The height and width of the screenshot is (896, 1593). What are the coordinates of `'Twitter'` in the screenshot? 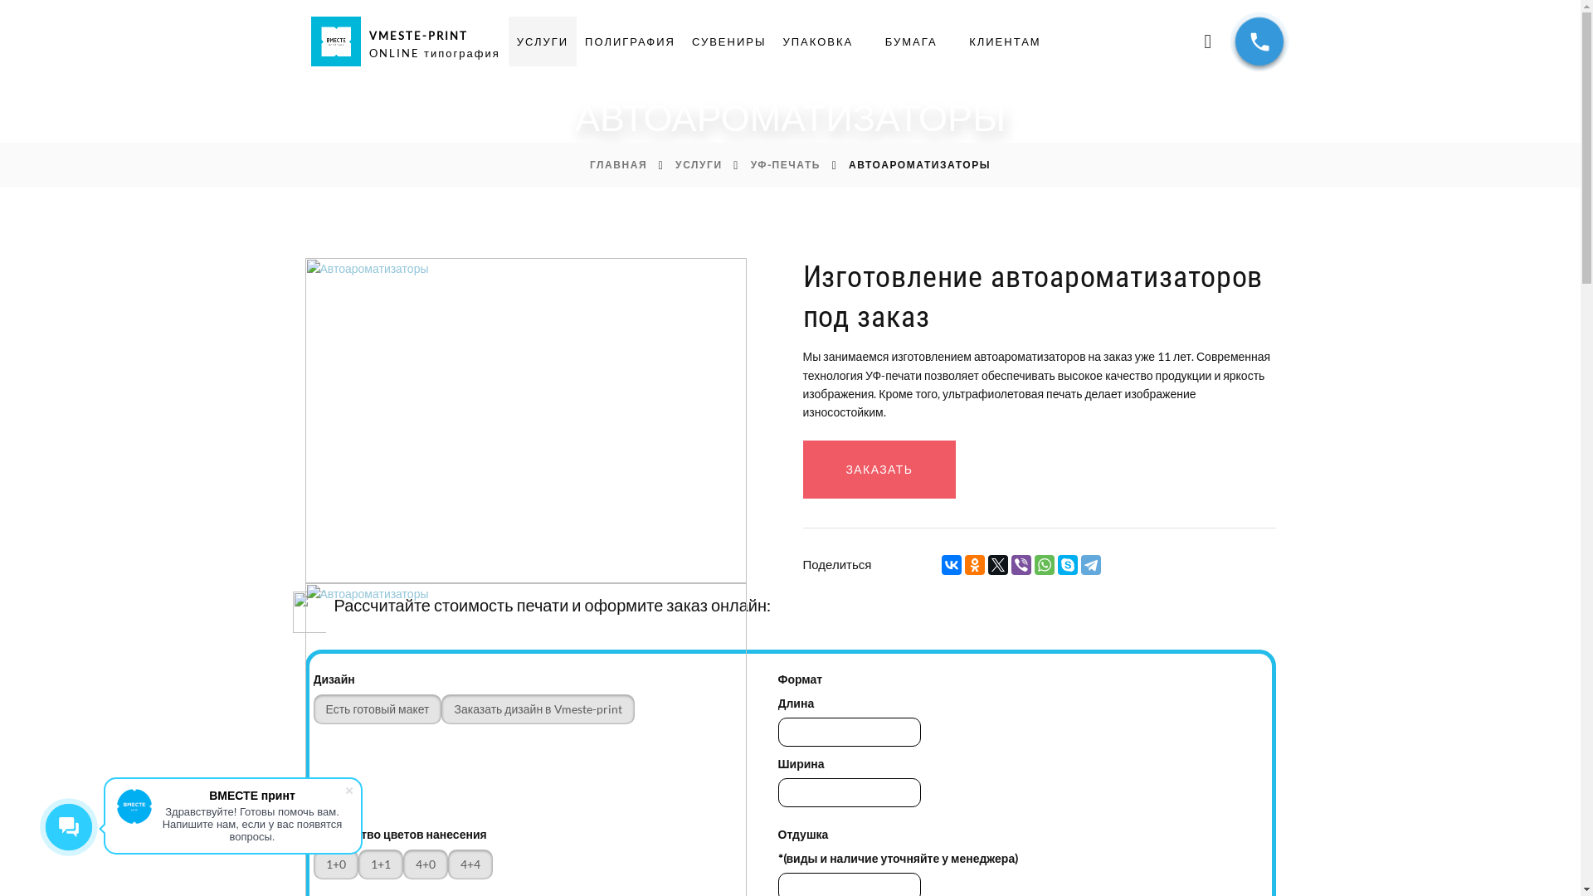 It's located at (987, 564).